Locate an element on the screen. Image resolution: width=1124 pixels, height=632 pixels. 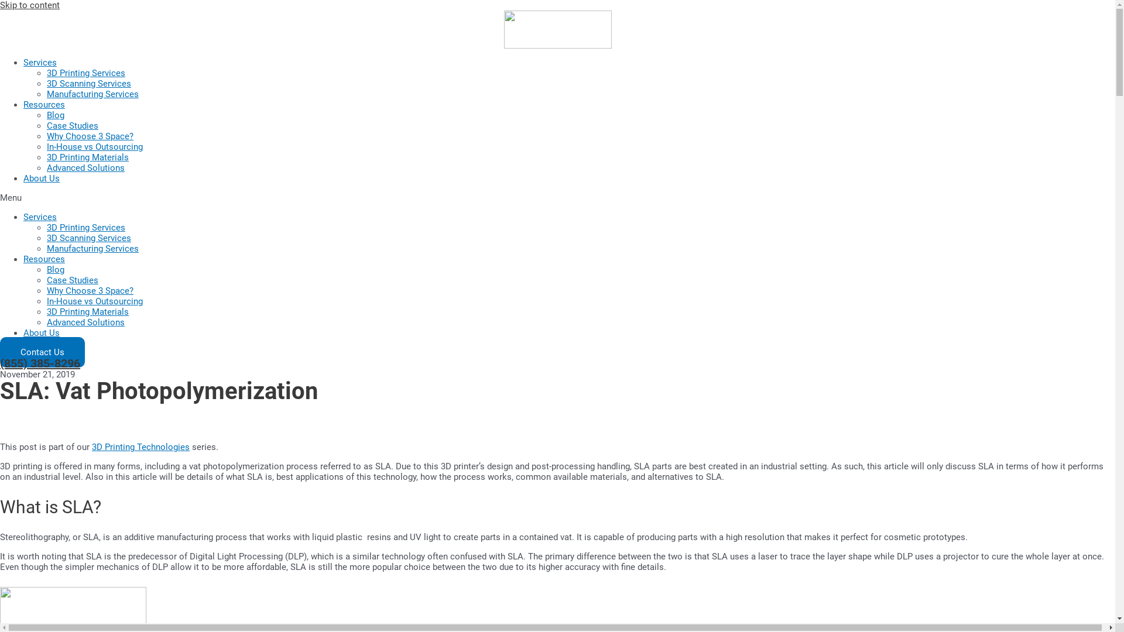
'About Us' is located at coordinates (42, 333).